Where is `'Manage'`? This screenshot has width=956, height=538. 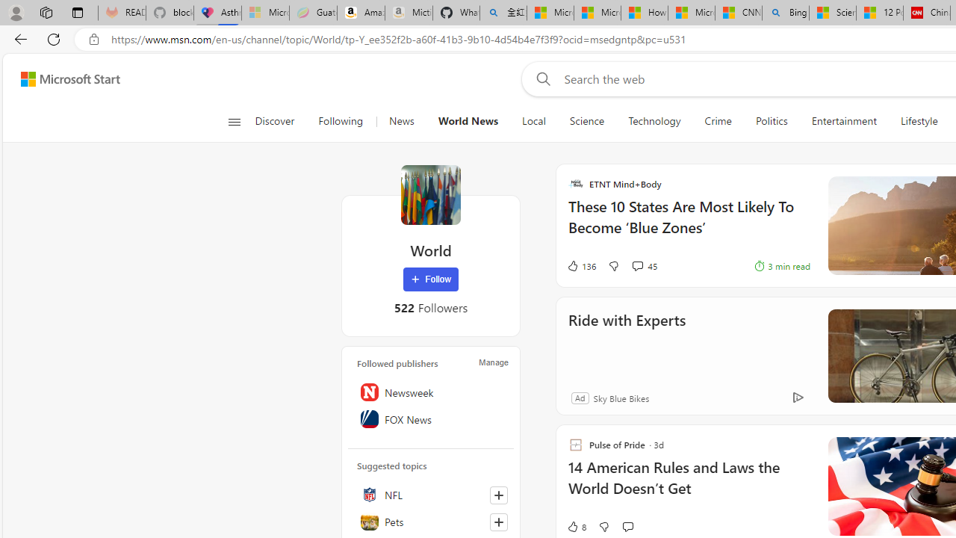
'Manage' is located at coordinates (494, 362).